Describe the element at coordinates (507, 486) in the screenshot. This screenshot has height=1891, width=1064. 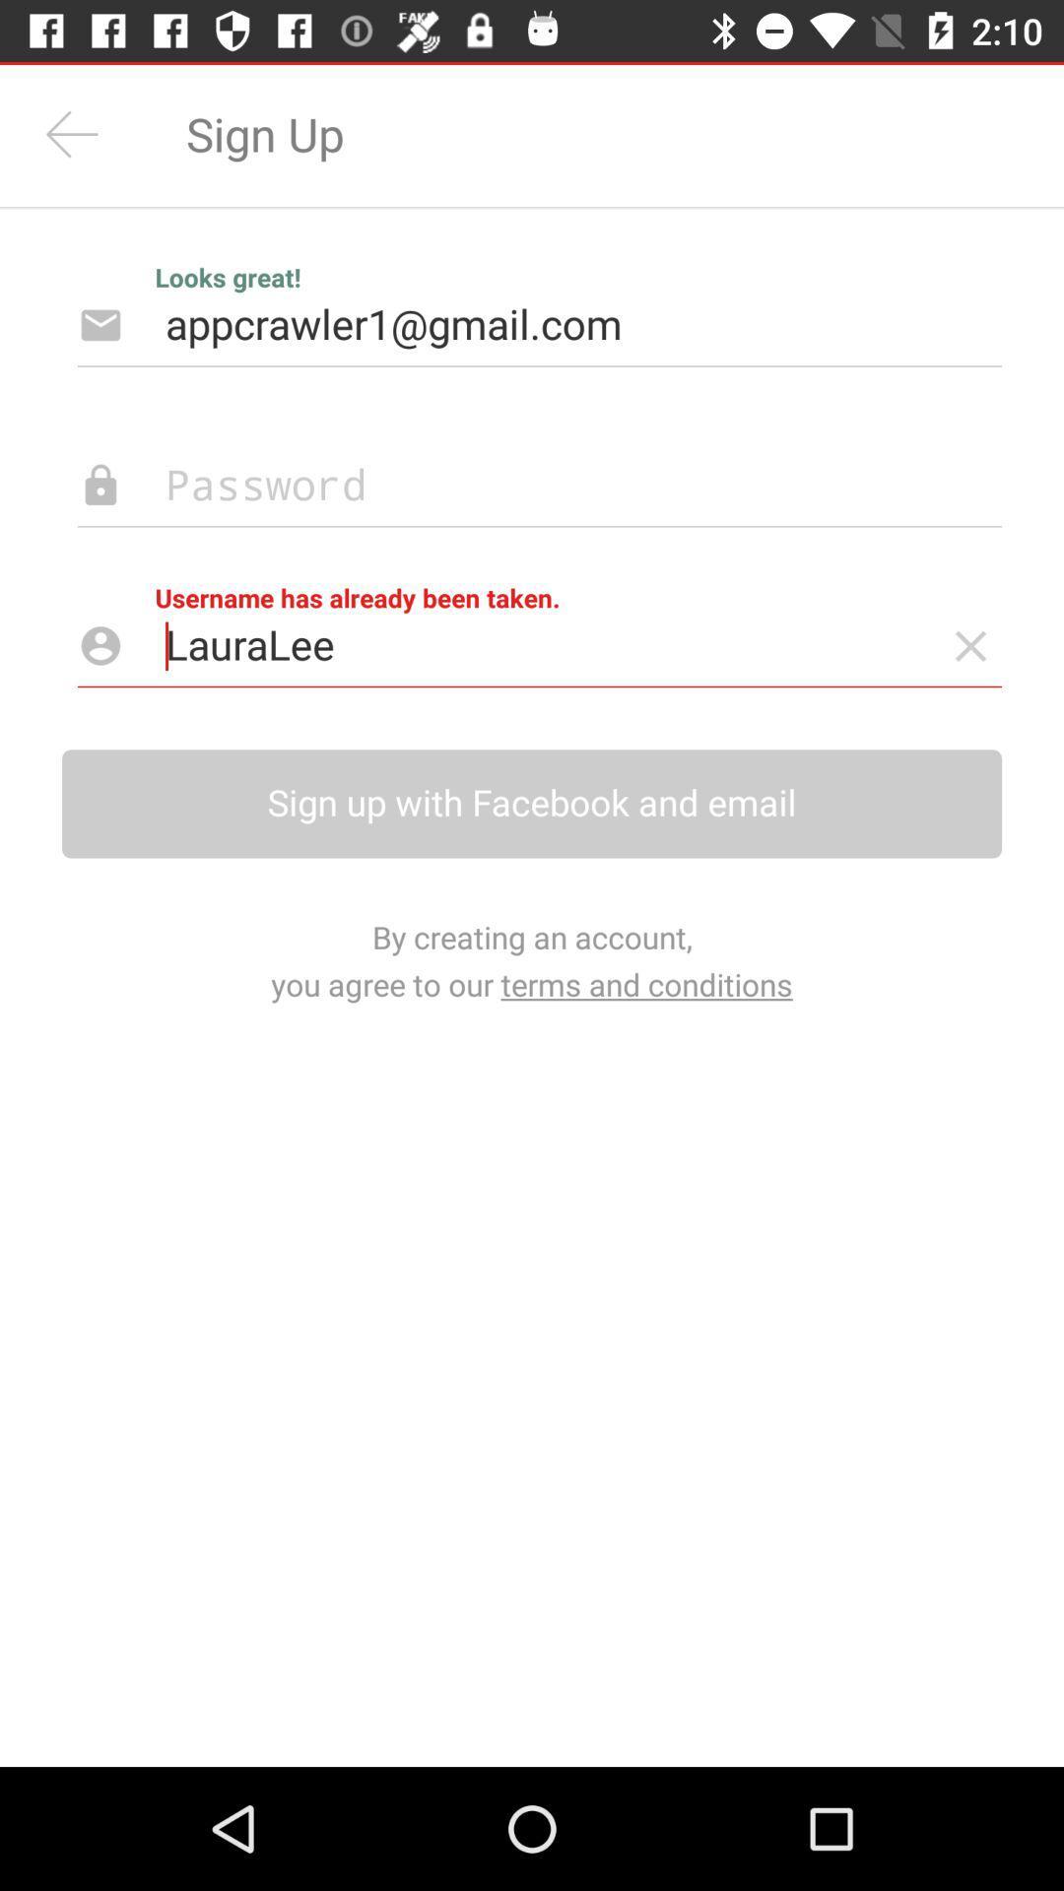
I see `password` at that location.